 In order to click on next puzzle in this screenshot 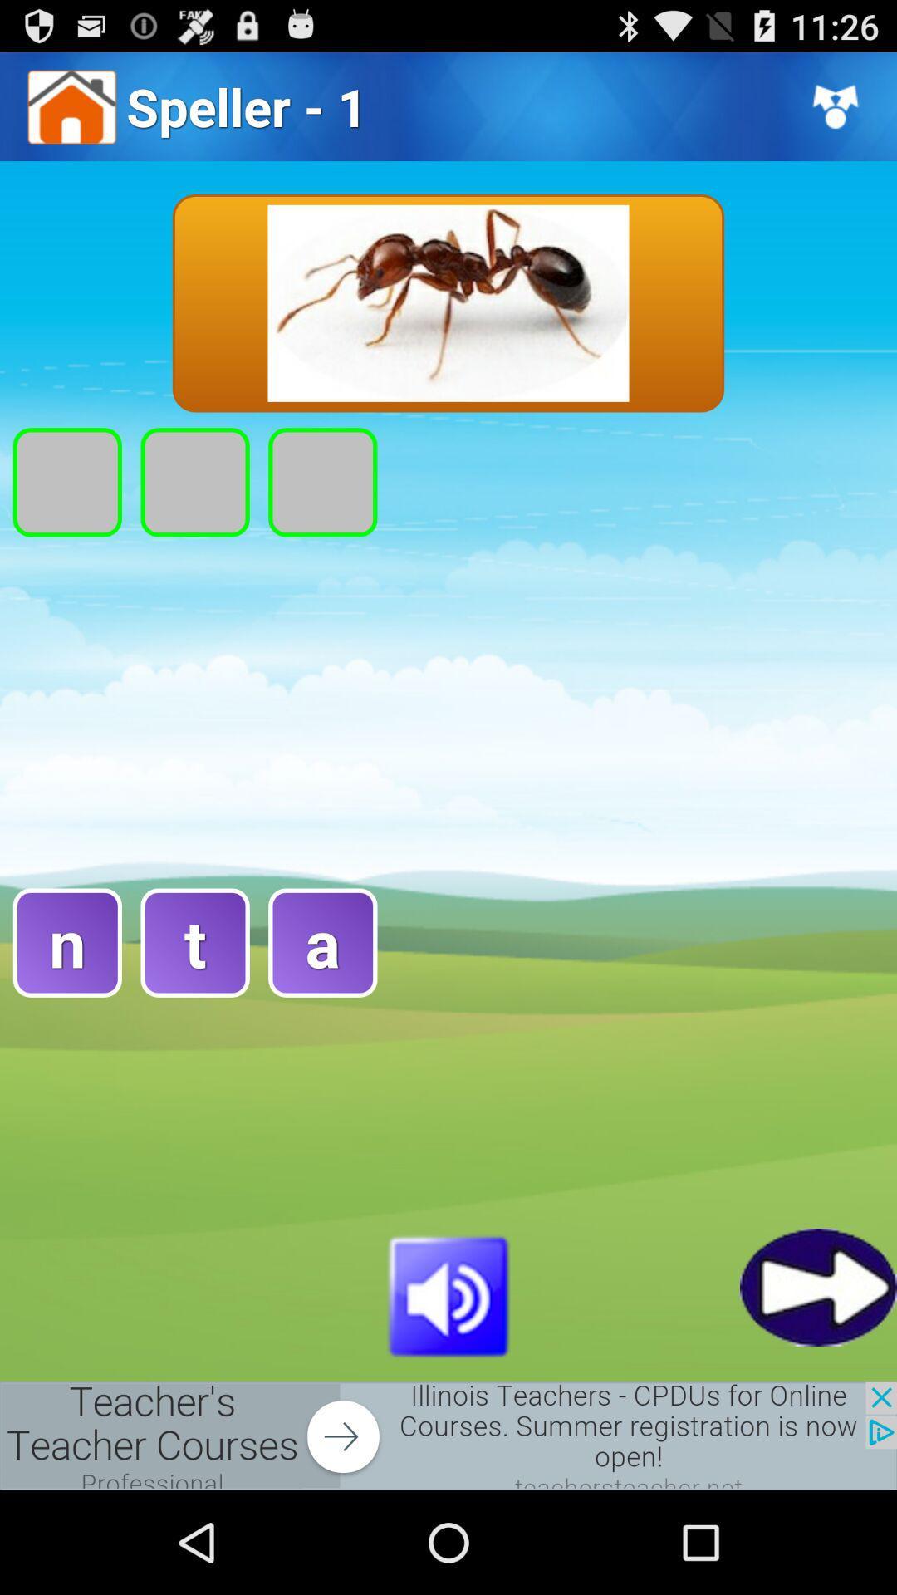, I will do `click(817, 1286)`.